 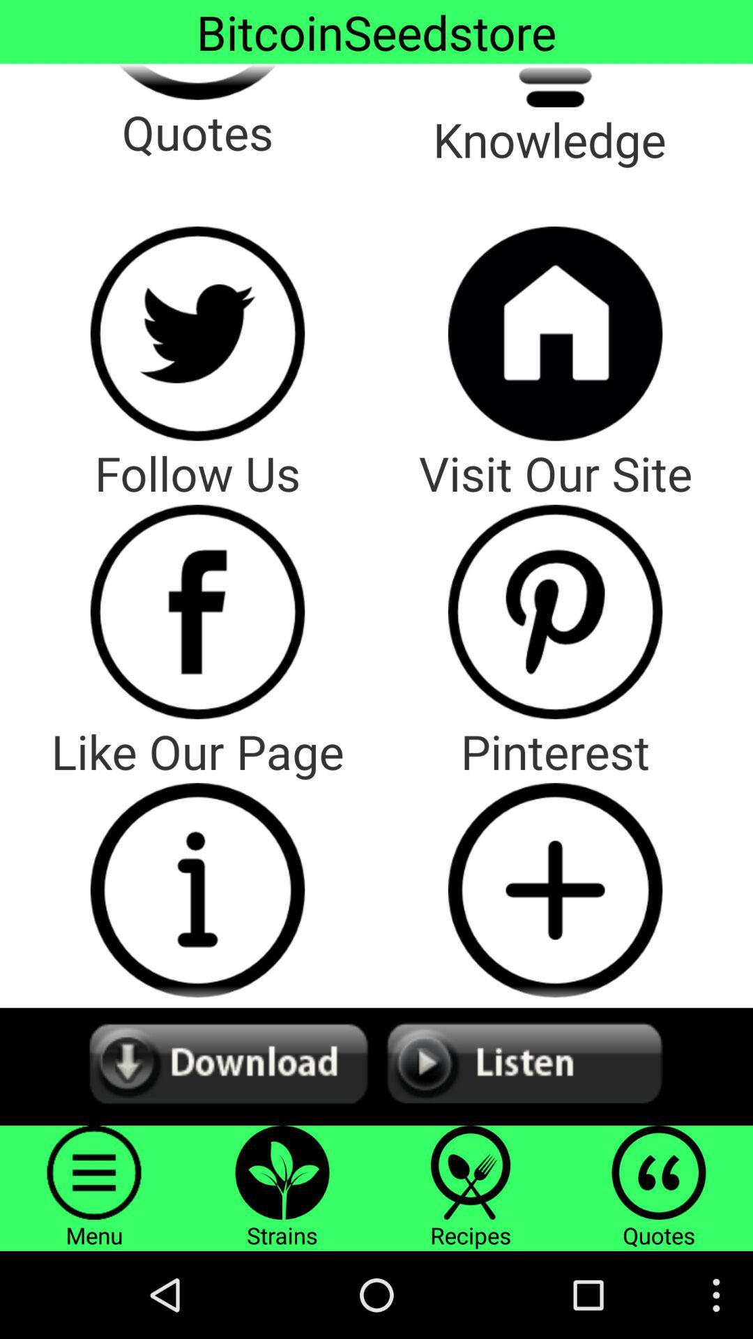 What do you see at coordinates (376, 1066) in the screenshot?
I see `audio options` at bounding box center [376, 1066].